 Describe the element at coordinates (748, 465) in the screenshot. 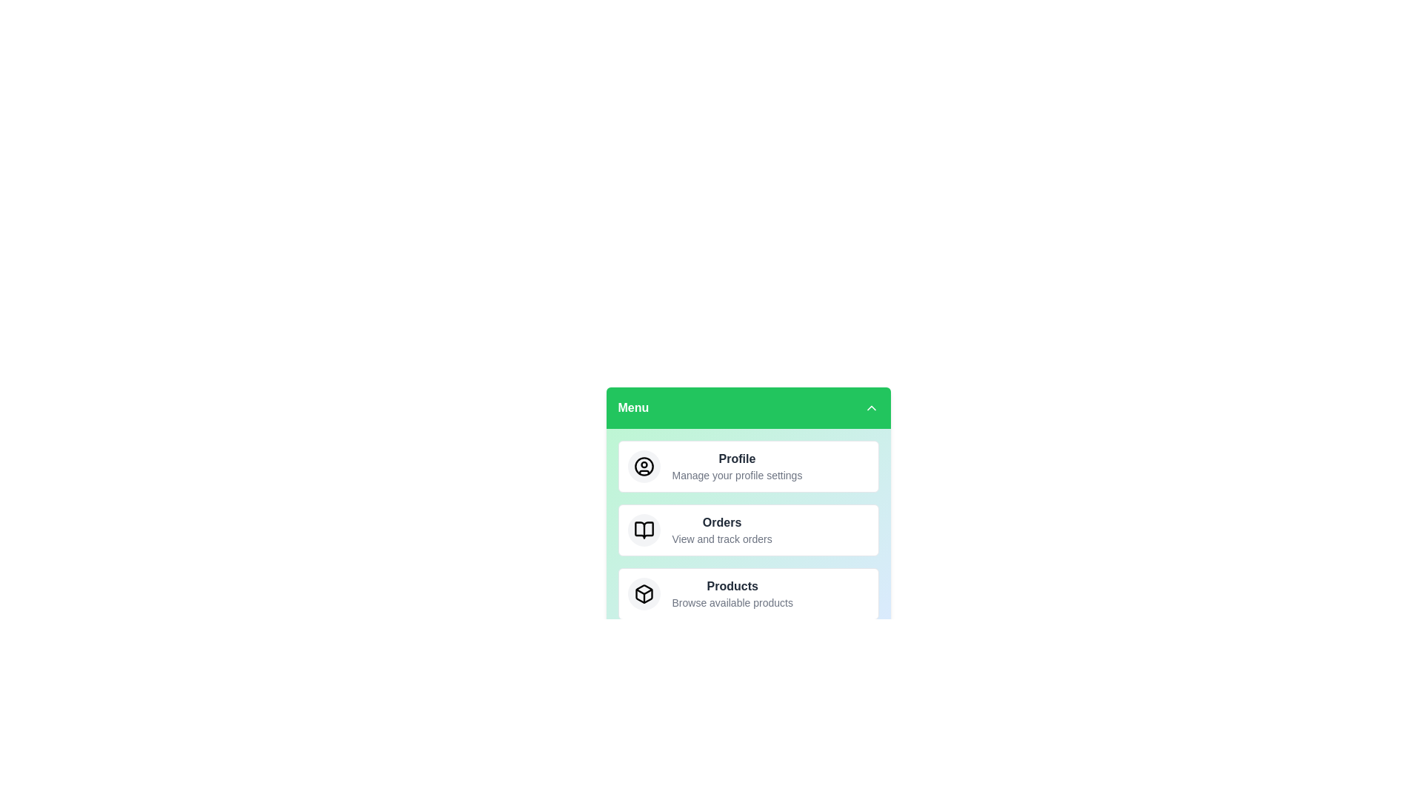

I see `the menu item labeled Profile` at that location.